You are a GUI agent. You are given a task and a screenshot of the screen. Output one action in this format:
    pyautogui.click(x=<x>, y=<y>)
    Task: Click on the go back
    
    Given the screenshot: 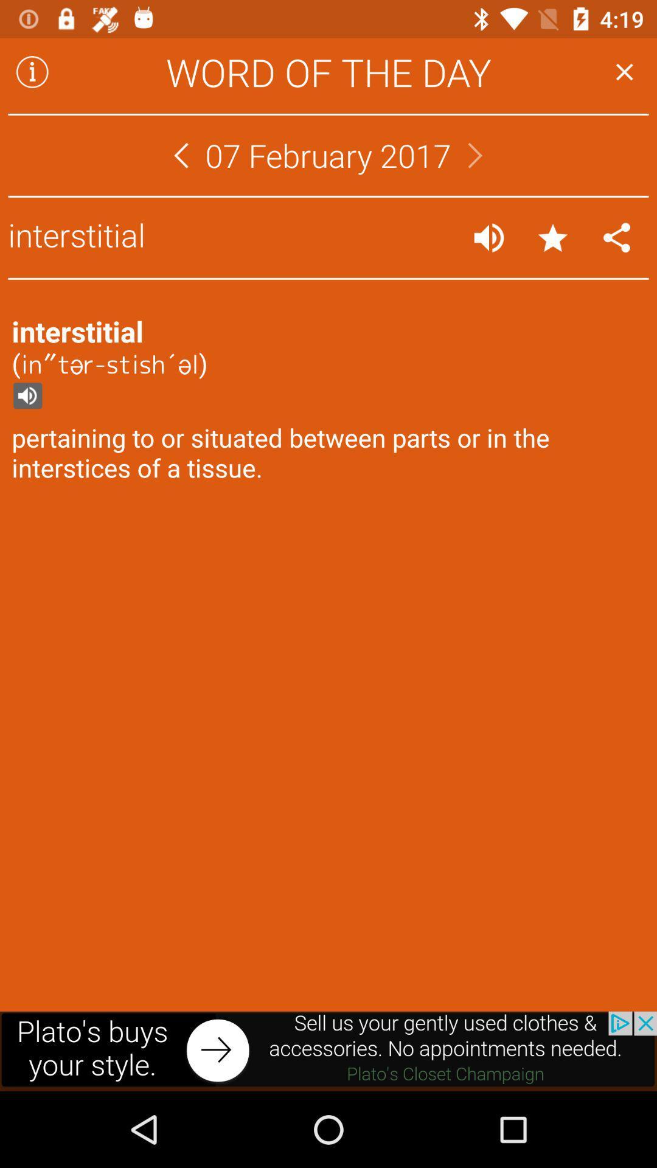 What is the action you would take?
    pyautogui.click(x=181, y=155)
    